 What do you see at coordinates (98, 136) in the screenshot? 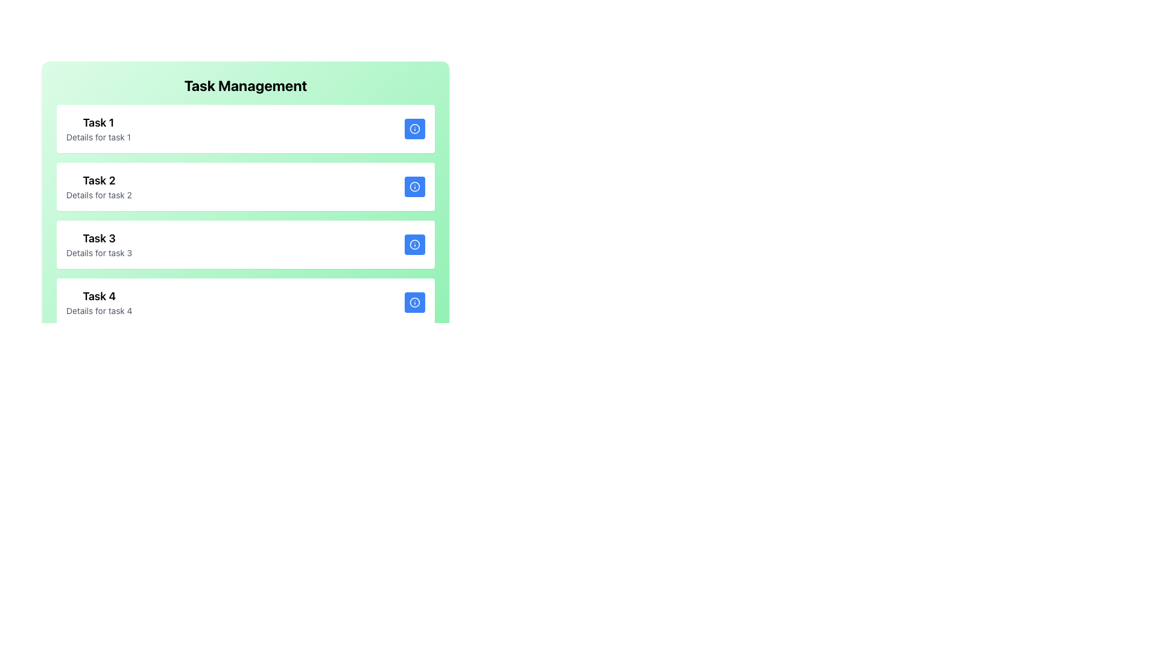
I see `the text label displaying 'Details for task 1', which is located directly below the heading 'Task 1' in the upper-left quadrant of the application interface` at bounding box center [98, 136].